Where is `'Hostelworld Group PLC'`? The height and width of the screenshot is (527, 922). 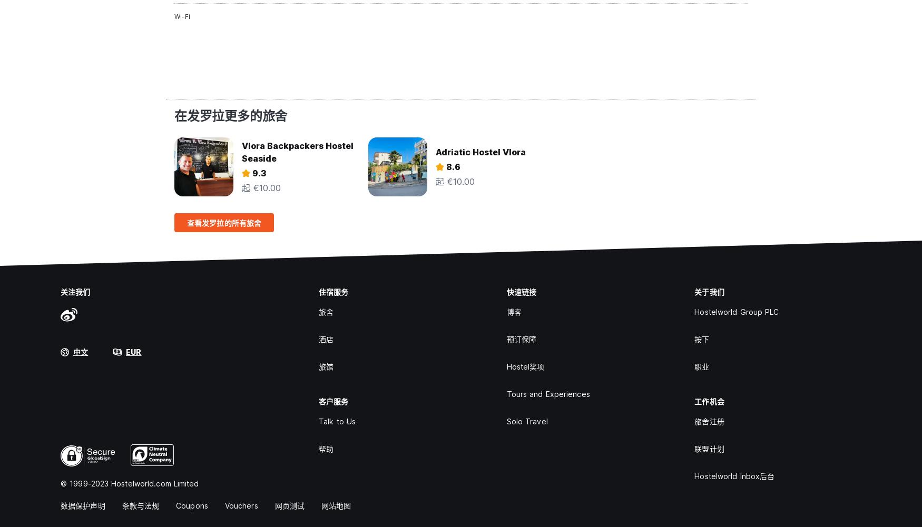 'Hostelworld Group PLC' is located at coordinates (694, 312).